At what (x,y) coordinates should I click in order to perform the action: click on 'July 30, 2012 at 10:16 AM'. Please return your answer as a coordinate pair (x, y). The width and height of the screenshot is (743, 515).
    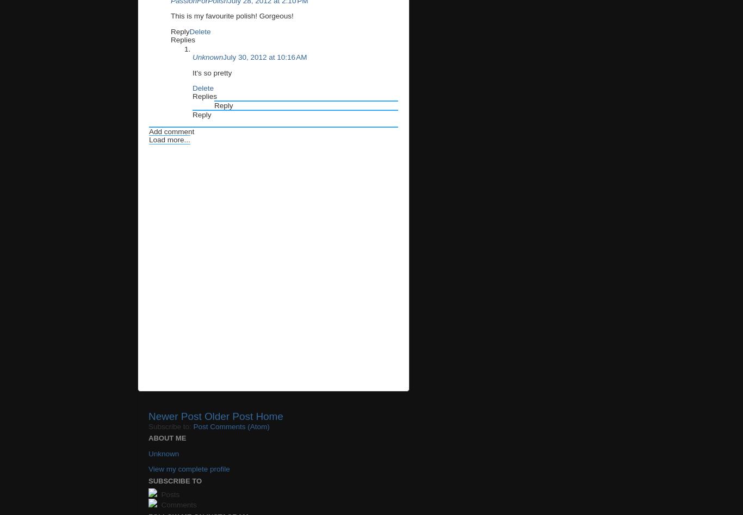
    Looking at the image, I should click on (264, 57).